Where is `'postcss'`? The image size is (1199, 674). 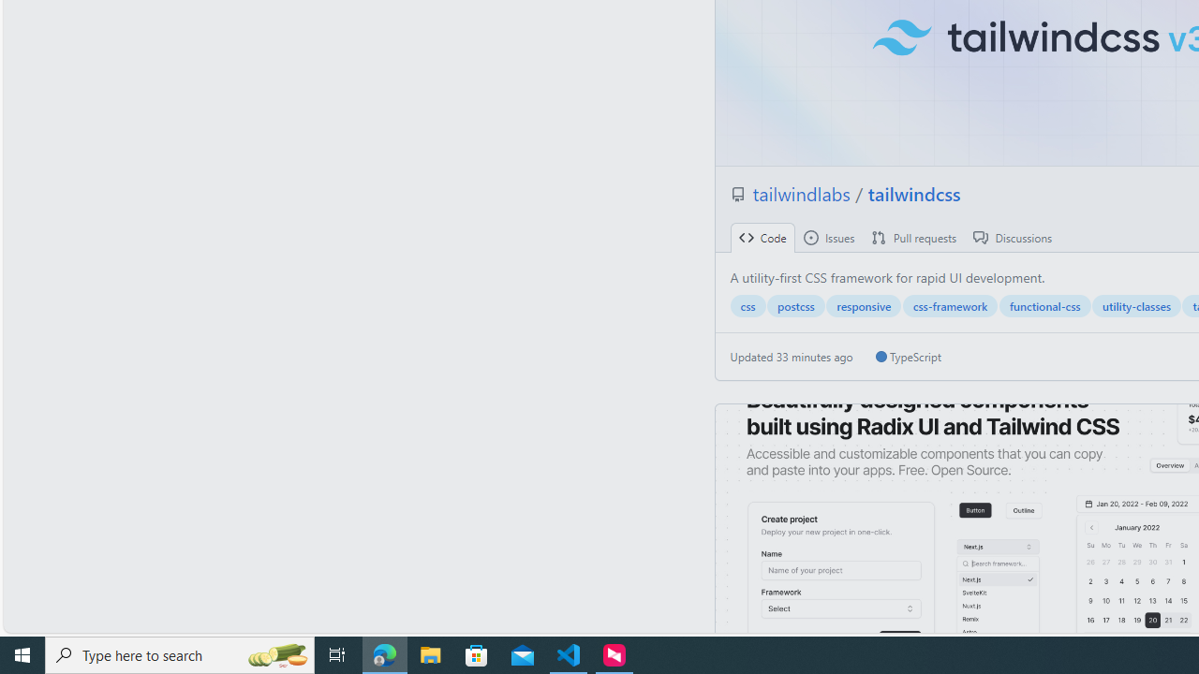
'postcss' is located at coordinates (795, 305).